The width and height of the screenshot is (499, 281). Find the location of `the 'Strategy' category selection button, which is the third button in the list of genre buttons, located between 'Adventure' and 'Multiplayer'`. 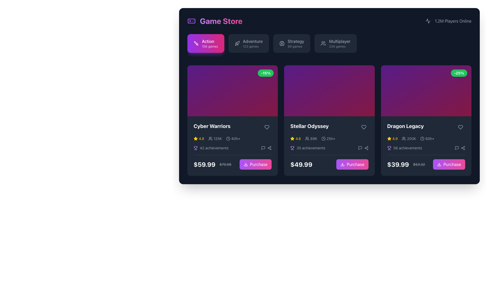

the 'Strategy' category selection button, which is the third button in the list of genre buttons, located between 'Adventure' and 'Multiplayer' is located at coordinates (292, 43).